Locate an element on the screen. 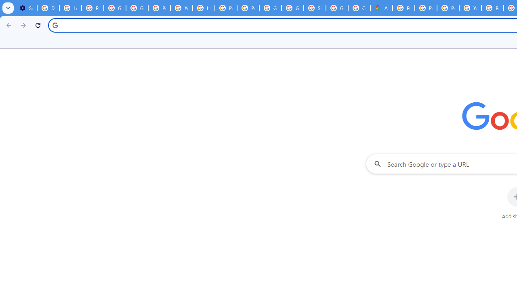  'Delete photos & videos - Computer - Google Photos Help' is located at coordinates (48, 8).